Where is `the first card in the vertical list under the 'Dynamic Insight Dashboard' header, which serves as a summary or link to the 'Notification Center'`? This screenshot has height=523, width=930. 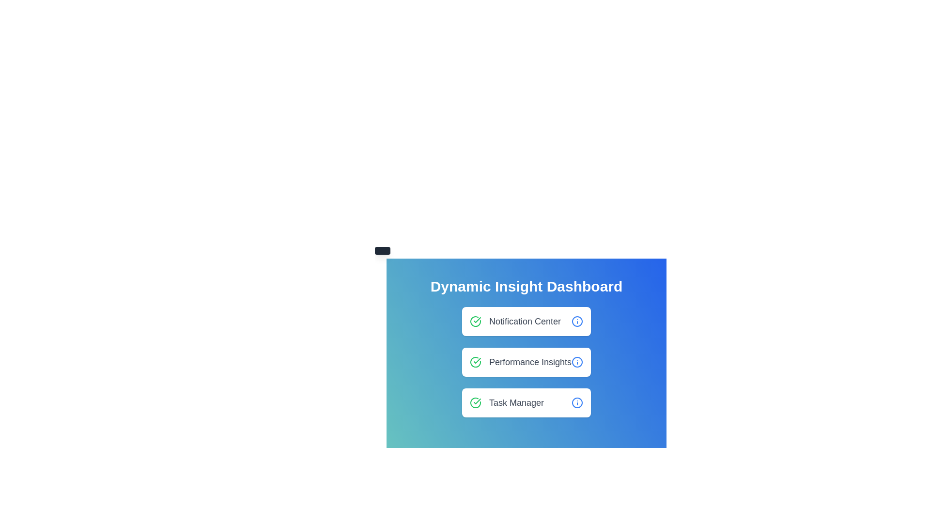
the first card in the vertical list under the 'Dynamic Insight Dashboard' header, which serves as a summary or link to the 'Notification Center' is located at coordinates (526, 321).